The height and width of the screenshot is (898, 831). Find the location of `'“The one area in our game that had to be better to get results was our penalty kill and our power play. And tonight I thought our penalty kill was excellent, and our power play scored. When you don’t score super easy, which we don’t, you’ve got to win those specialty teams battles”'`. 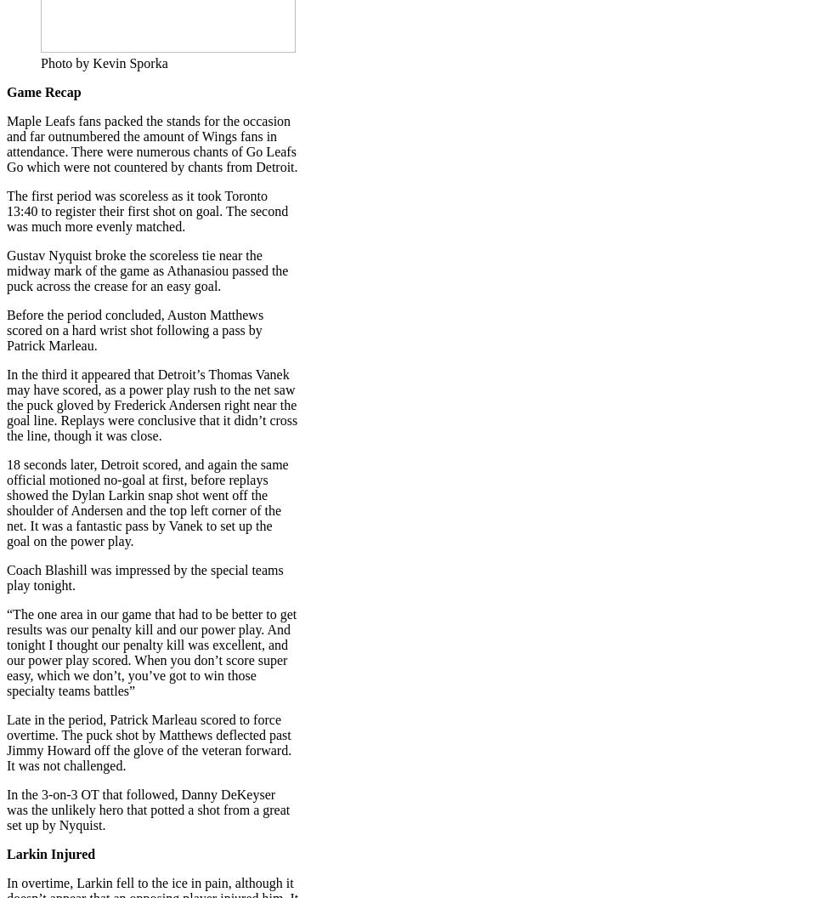

'“The one area in our game that had to be better to get results was our penalty kill and our power play. And tonight I thought our penalty kill was excellent, and our power play scored. When you don’t score super easy, which we don’t, you’ve got to win those specialty teams battles”' is located at coordinates (7, 651).